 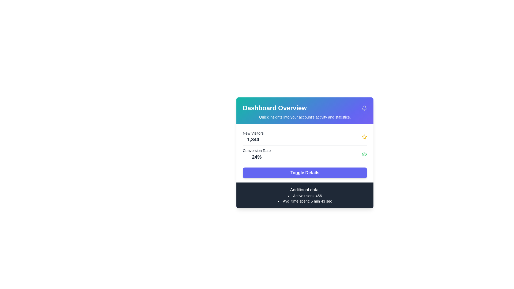 What do you see at coordinates (364, 108) in the screenshot?
I see `the notification bell icon located at the far right of the 'Dashboard Overview' header` at bounding box center [364, 108].